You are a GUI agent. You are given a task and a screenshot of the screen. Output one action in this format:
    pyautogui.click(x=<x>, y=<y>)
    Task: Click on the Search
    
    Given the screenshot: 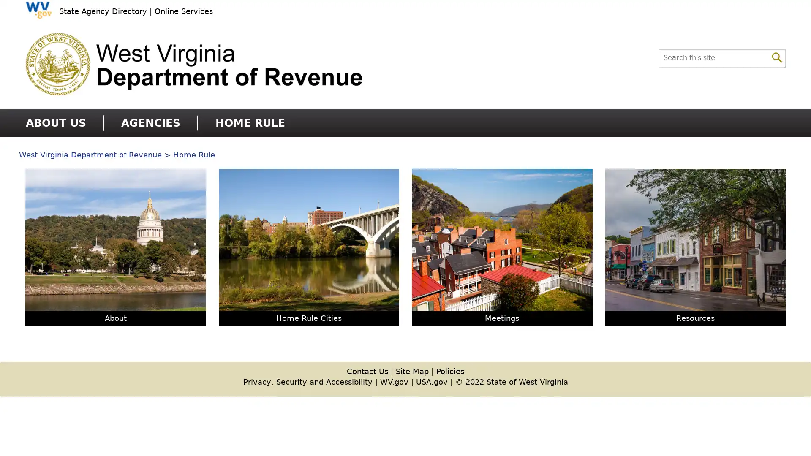 What is the action you would take?
    pyautogui.click(x=777, y=57)
    